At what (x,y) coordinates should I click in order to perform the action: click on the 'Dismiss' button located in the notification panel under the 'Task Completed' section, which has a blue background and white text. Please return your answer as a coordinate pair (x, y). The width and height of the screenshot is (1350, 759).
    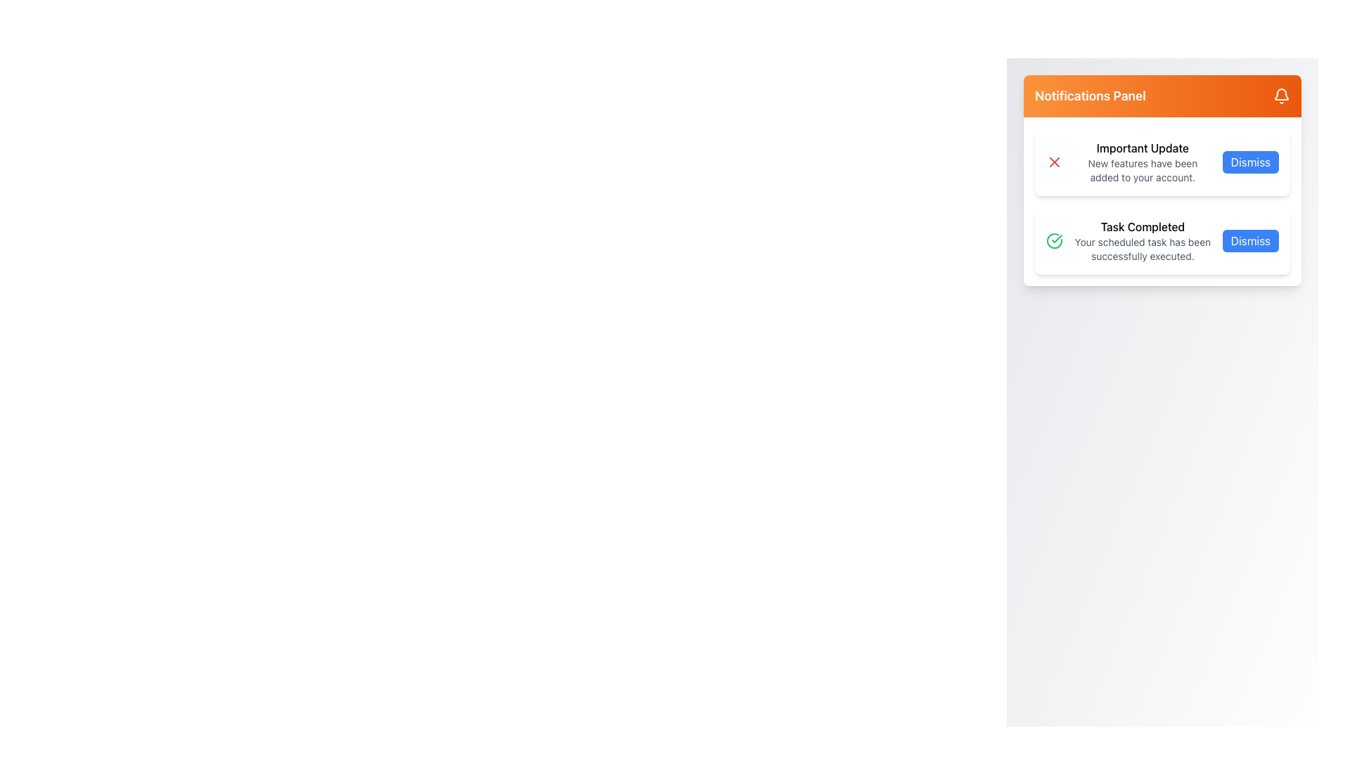
    Looking at the image, I should click on (1249, 240).